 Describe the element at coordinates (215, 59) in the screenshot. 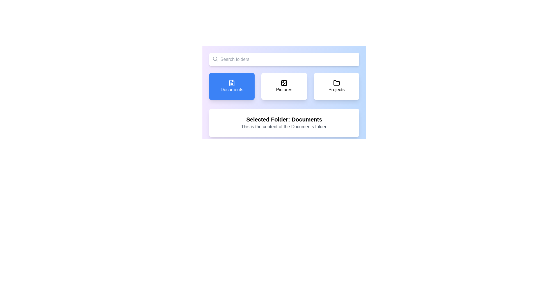

I see `the circular magnifying-glass icon styled with gray lines, located on the left side of the search bar input field` at that location.